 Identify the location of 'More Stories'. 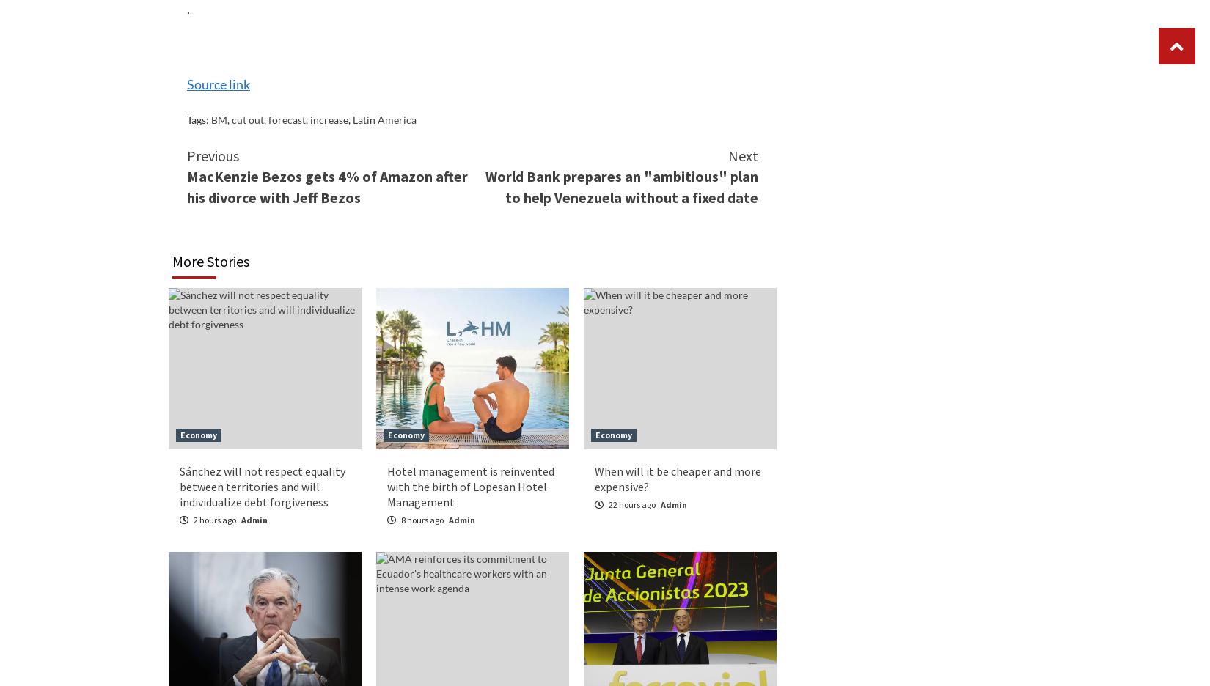
(210, 261).